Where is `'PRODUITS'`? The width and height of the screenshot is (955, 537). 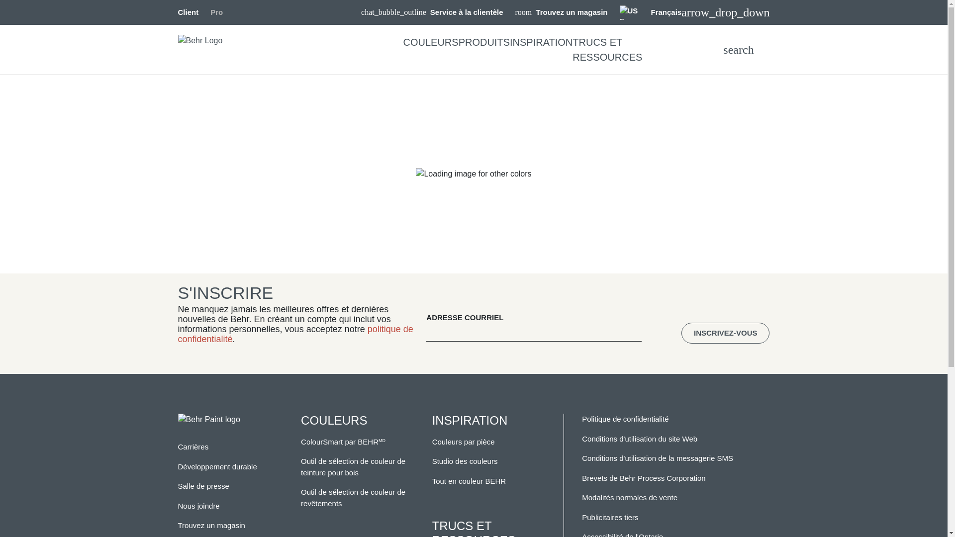
'PRODUITS' is located at coordinates (458, 41).